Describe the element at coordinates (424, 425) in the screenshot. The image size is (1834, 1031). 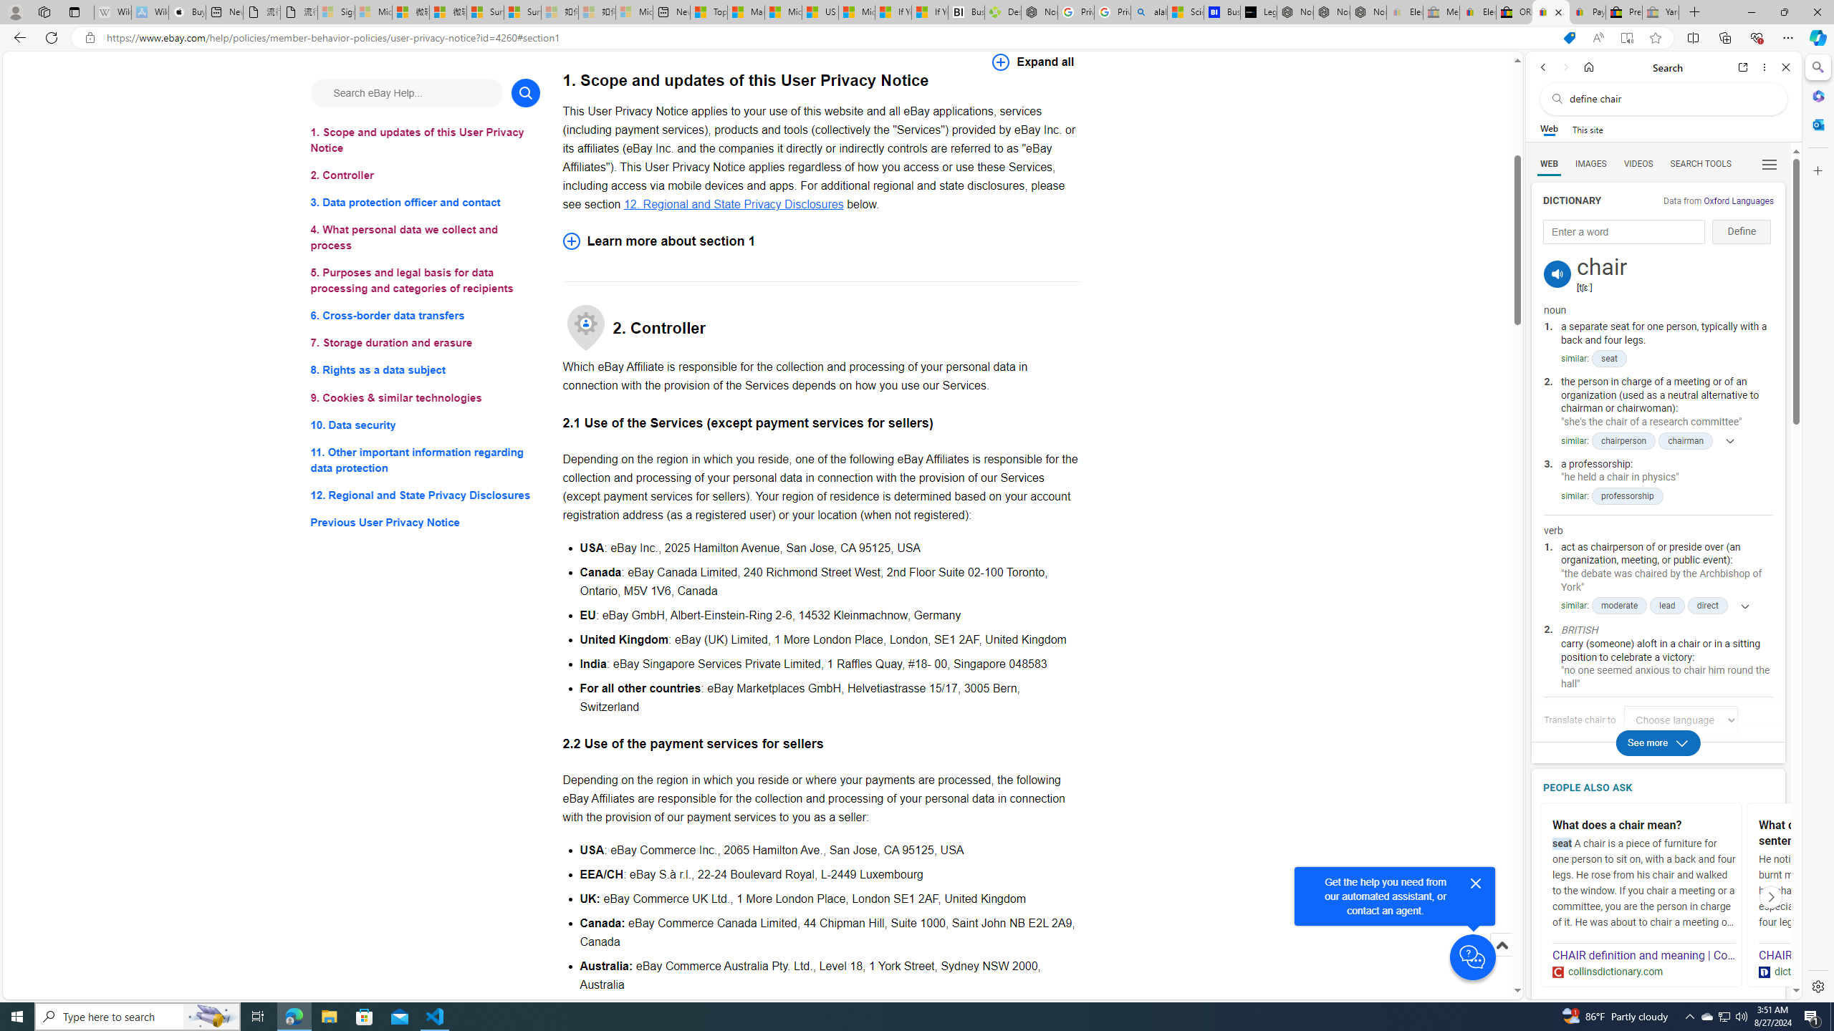
I see `'10. Data security'` at that location.